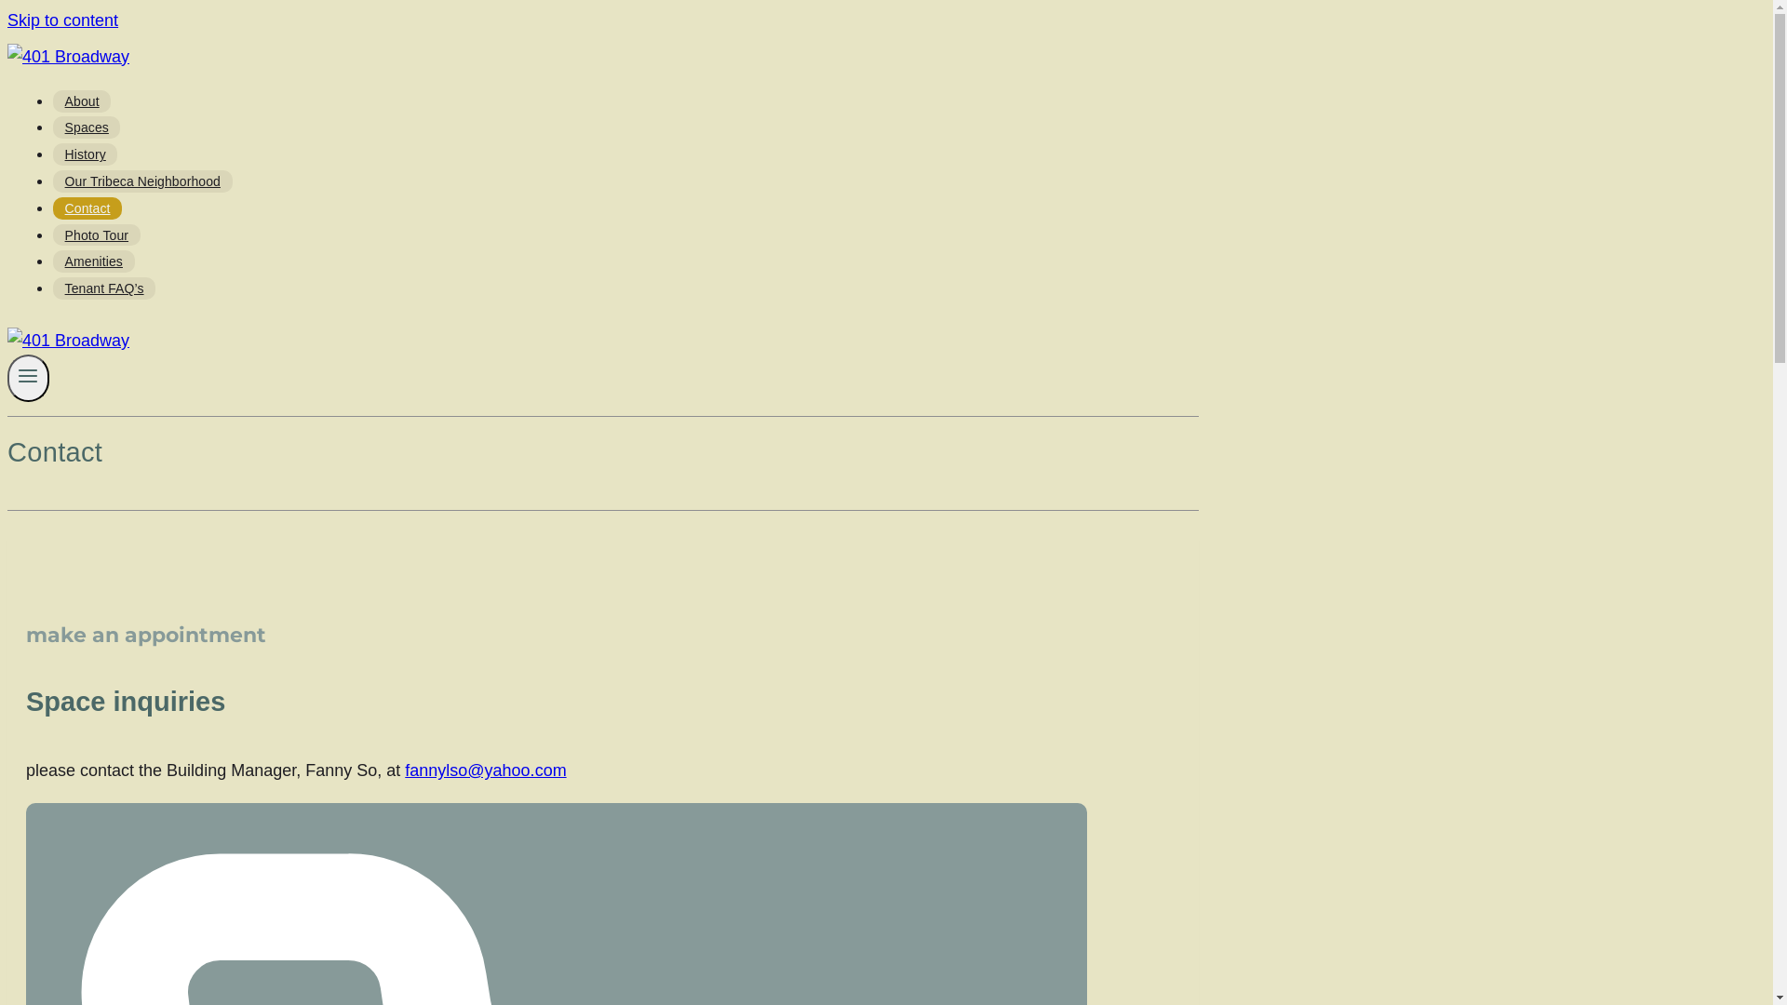  Describe the element at coordinates (141, 181) in the screenshot. I see `'Our Tribeca Neighborhood'` at that location.